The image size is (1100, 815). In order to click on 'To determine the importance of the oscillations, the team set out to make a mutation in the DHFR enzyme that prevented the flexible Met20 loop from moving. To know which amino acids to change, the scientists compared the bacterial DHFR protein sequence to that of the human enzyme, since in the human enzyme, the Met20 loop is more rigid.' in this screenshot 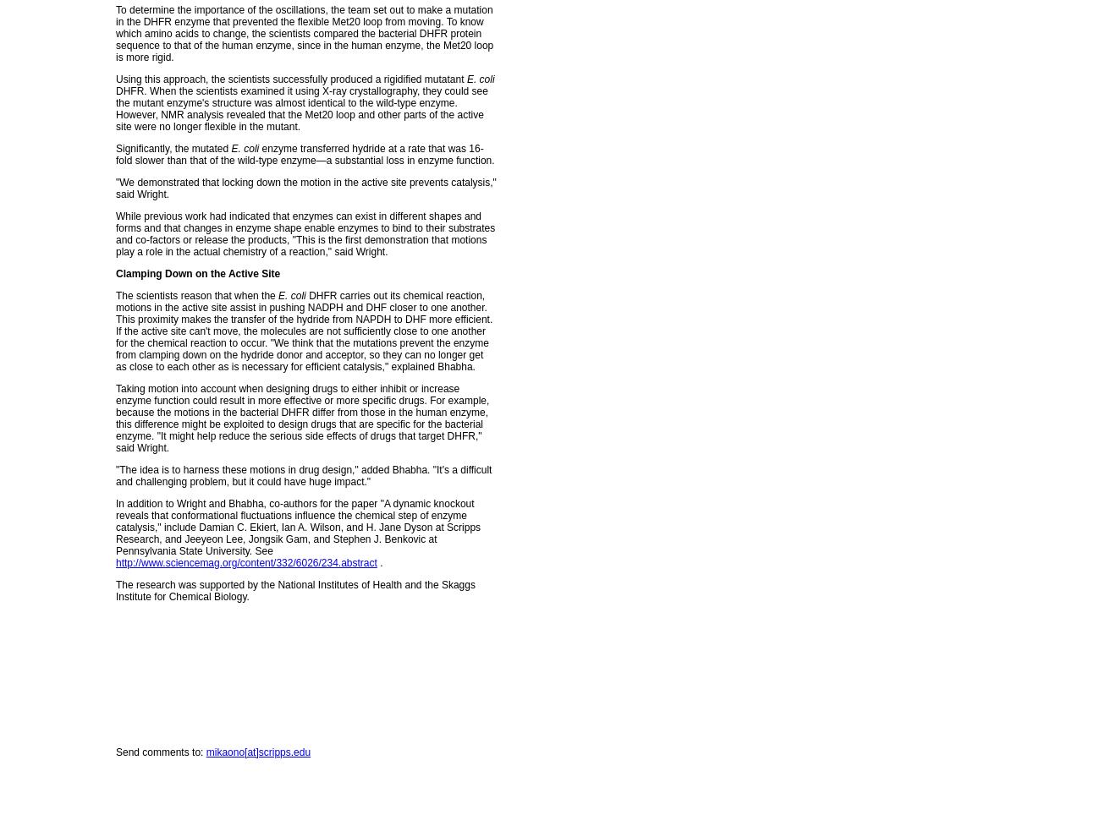, I will do `click(115, 32)`.